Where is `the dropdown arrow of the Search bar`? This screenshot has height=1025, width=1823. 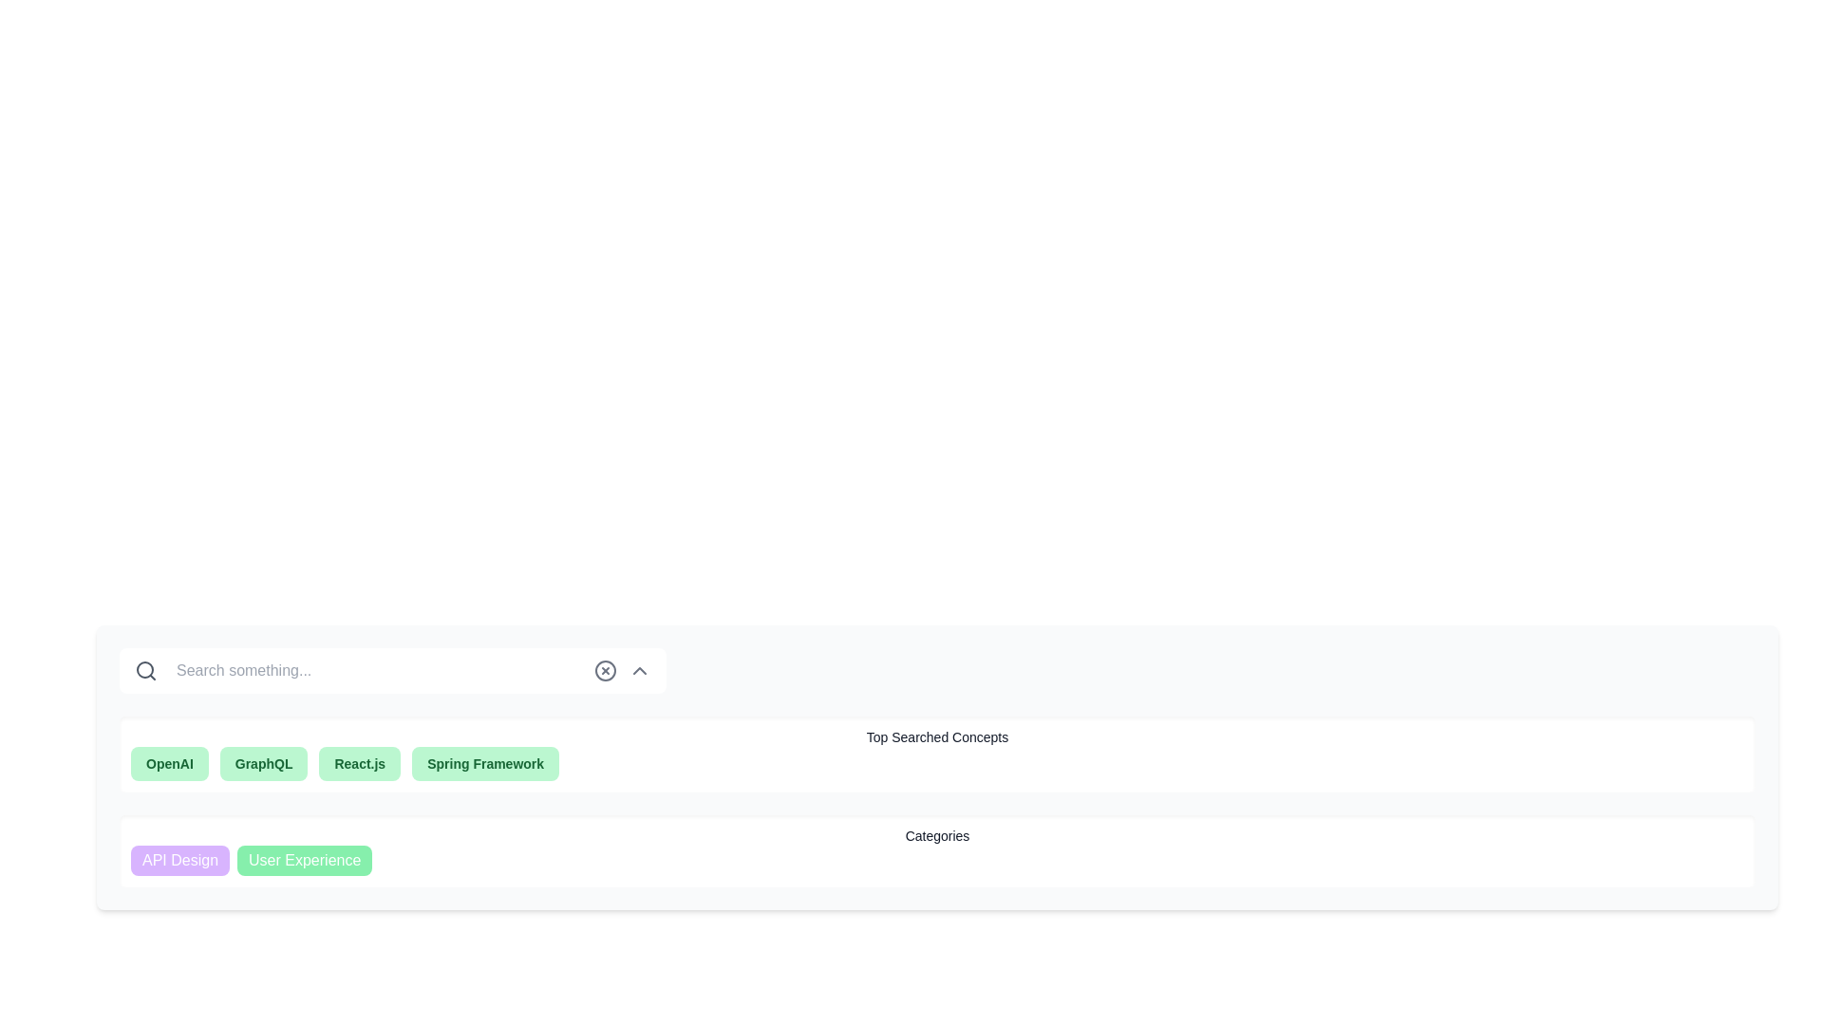
the dropdown arrow of the Search bar is located at coordinates (391, 669).